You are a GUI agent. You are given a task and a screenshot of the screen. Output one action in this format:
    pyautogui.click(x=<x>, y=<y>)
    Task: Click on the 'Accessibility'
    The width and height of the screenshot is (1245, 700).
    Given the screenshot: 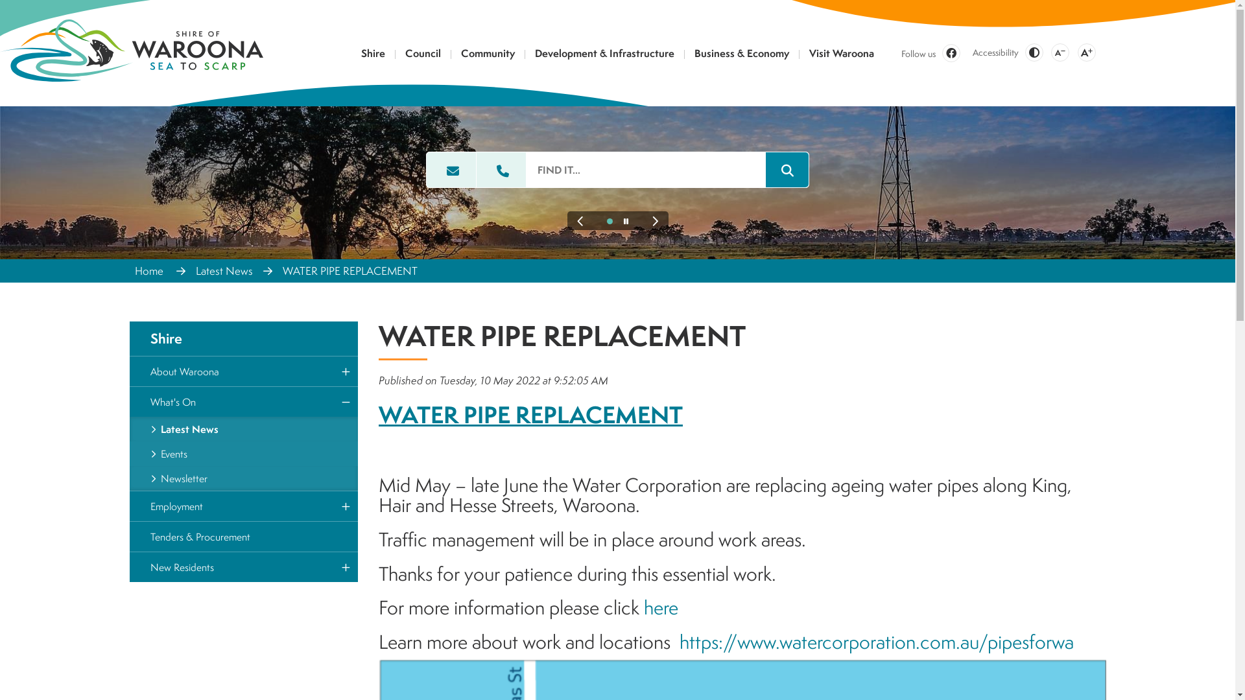 What is the action you would take?
    pyautogui.click(x=994, y=52)
    